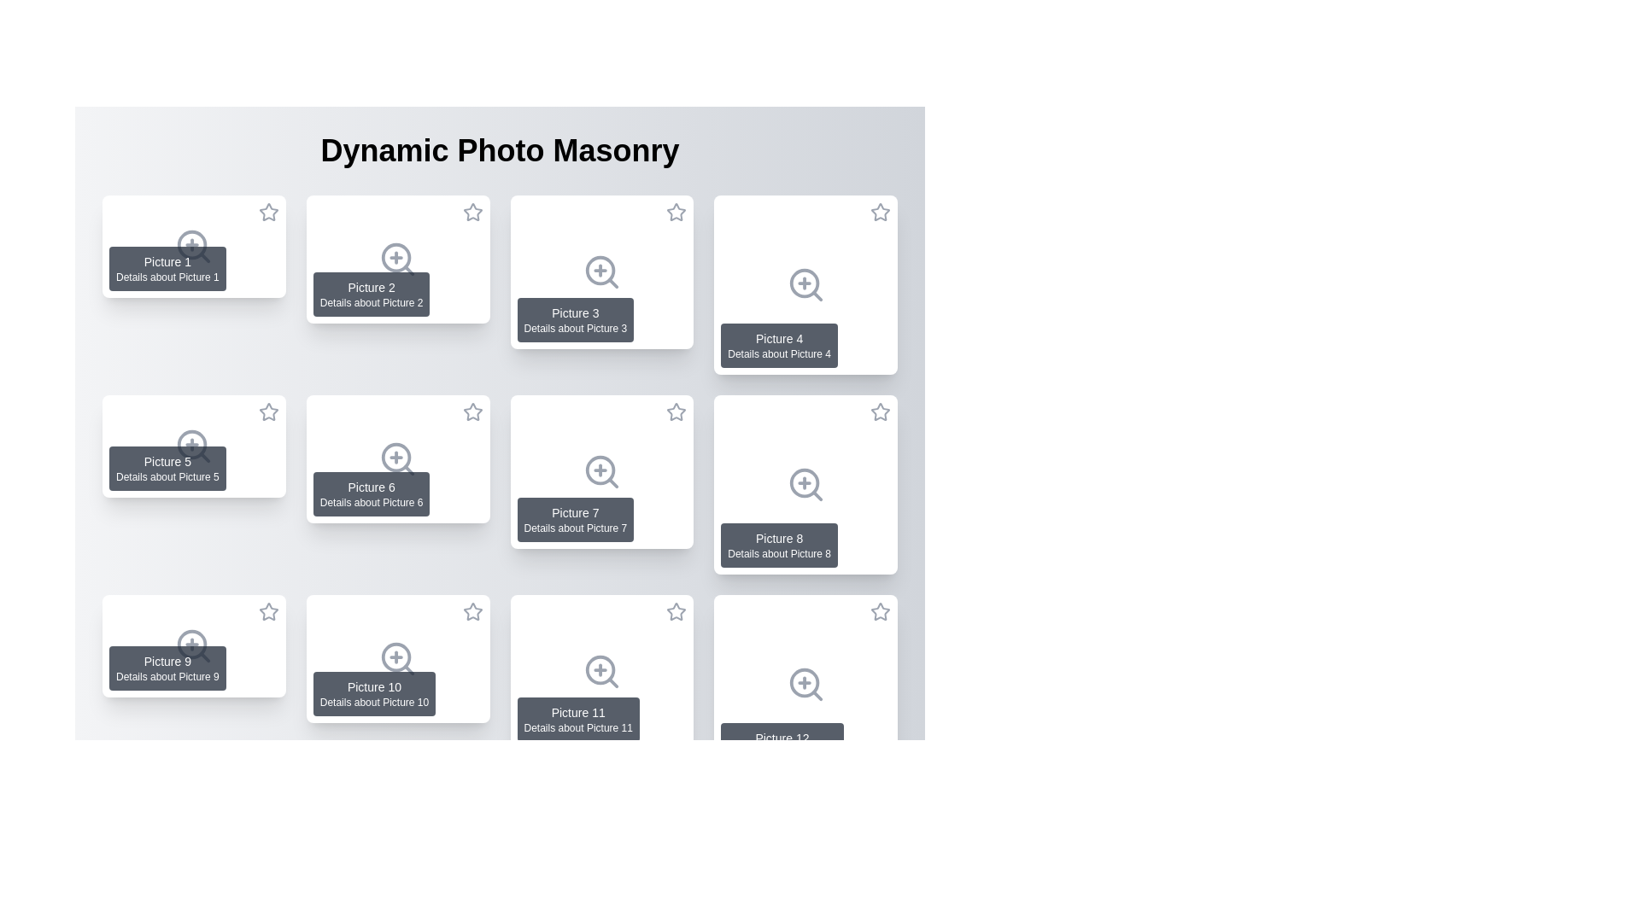 The width and height of the screenshot is (1640, 922). What do you see at coordinates (472, 611) in the screenshot?
I see `the star icon with a thin, gray outline and a hollow center in the top-right corner of the card labeled 'Picture 10' to mark it as favorite` at bounding box center [472, 611].